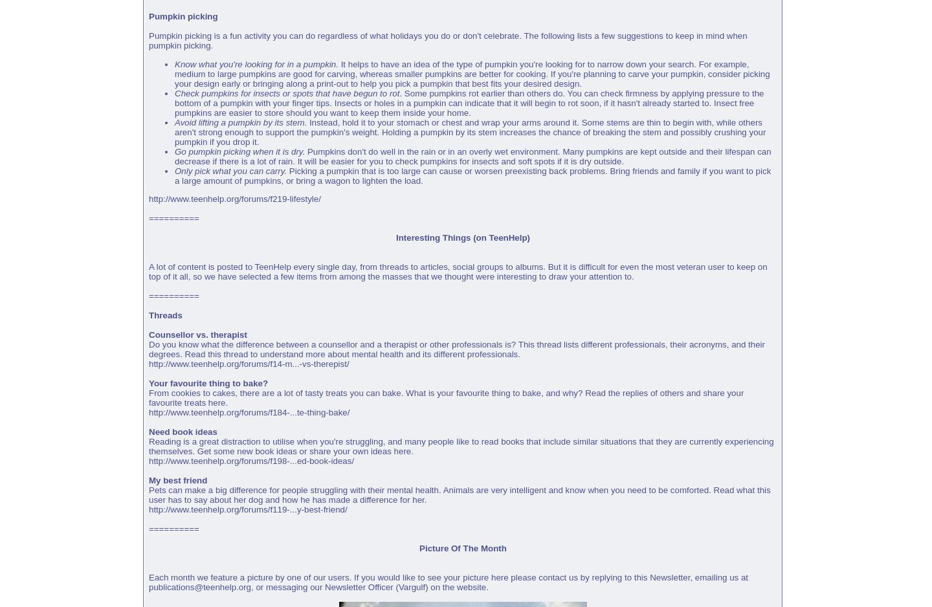  I want to click on 'My best friend', so click(177, 480).